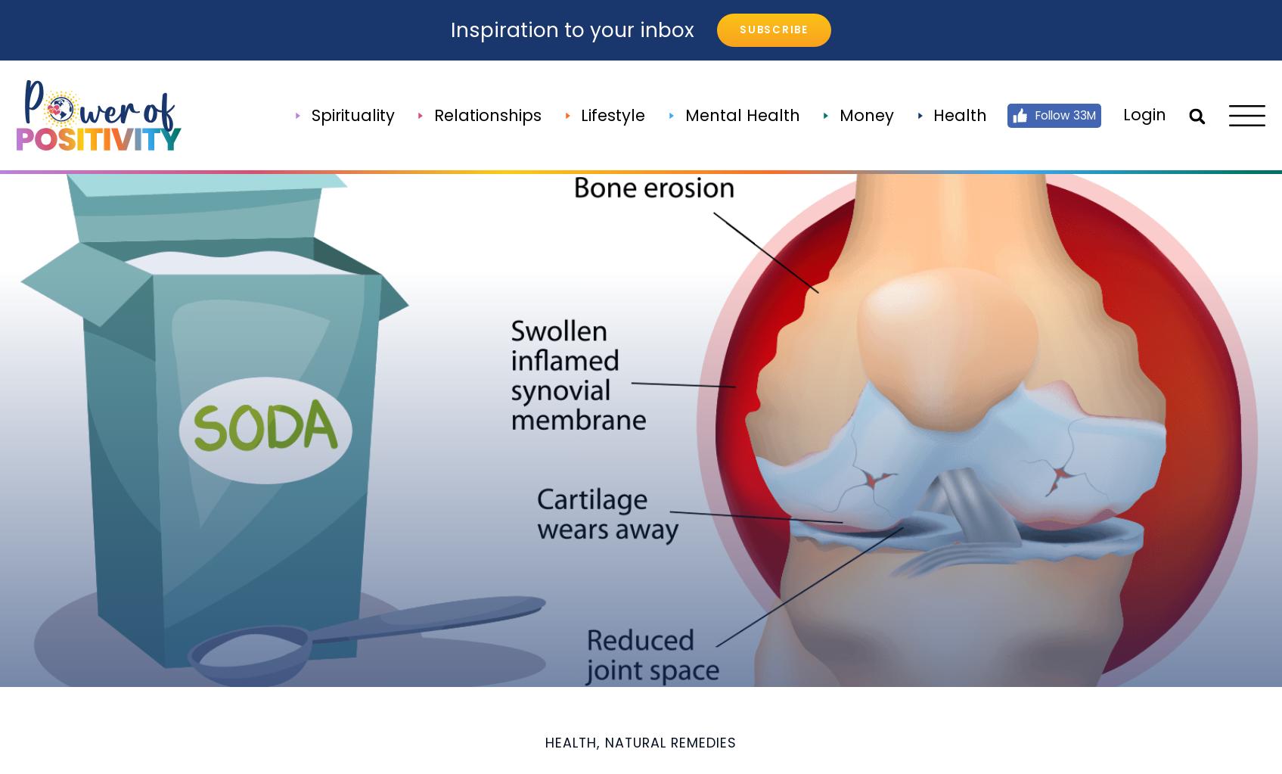  Describe the element at coordinates (948, 288) in the screenshot. I see `'Back Pain'` at that location.